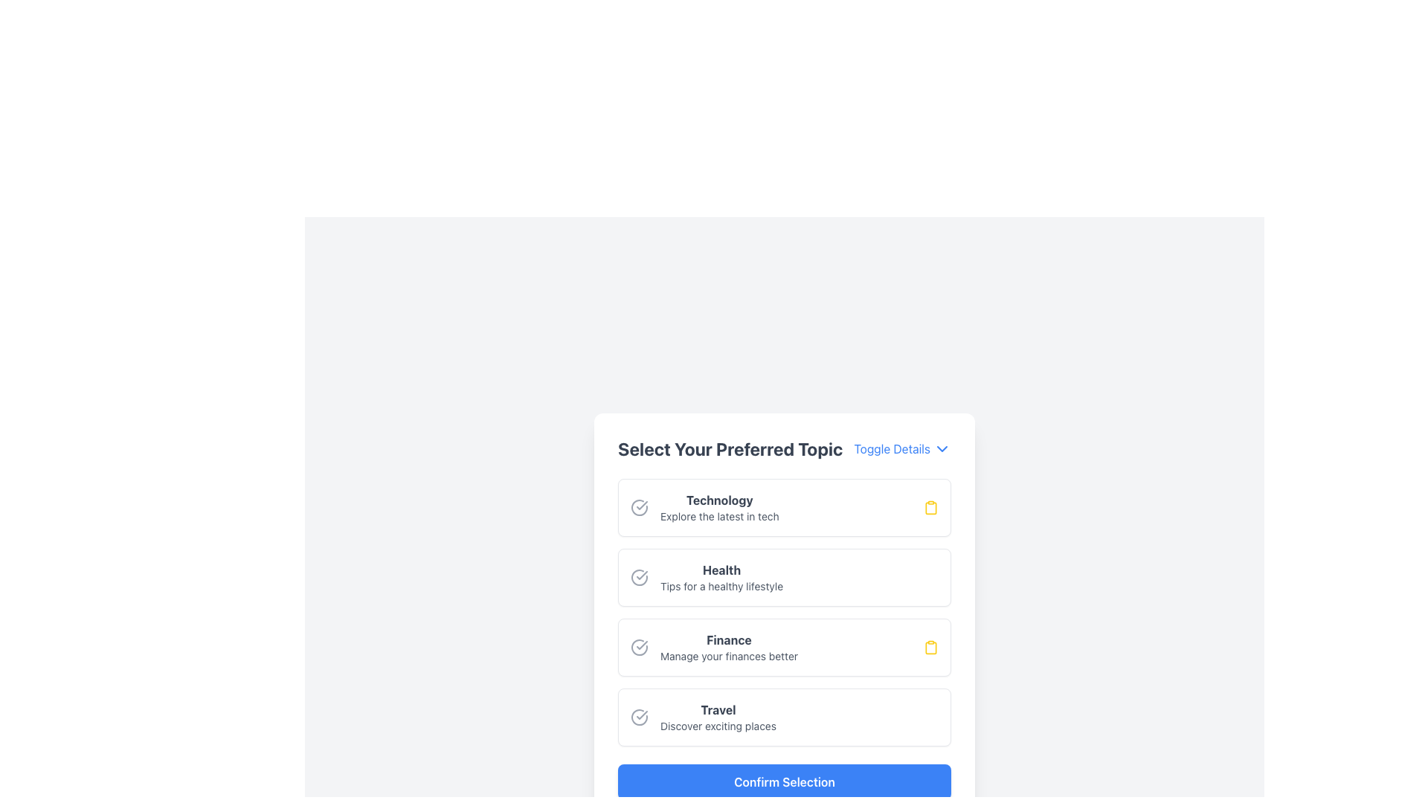 The height and width of the screenshot is (803, 1428). I want to click on the checkbox icon representing selection for the health-related topic under the 'Select Your Preferred Topic' heading, so click(639, 576).